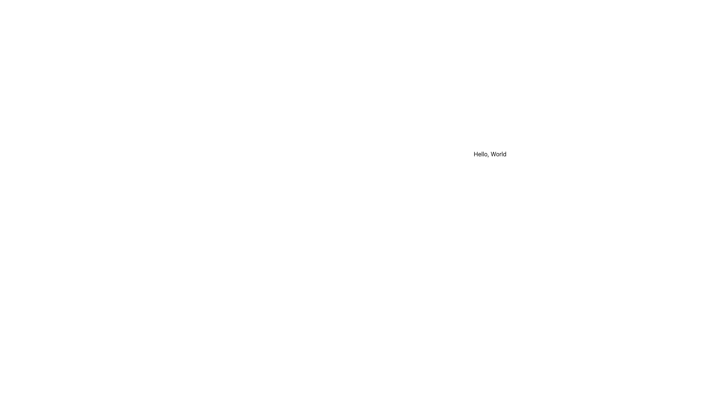  Describe the element at coordinates (490, 154) in the screenshot. I see `text displayed in the label that says 'Hello, World', which is styled in black font on a white background and located at the top center of the interface` at that location.